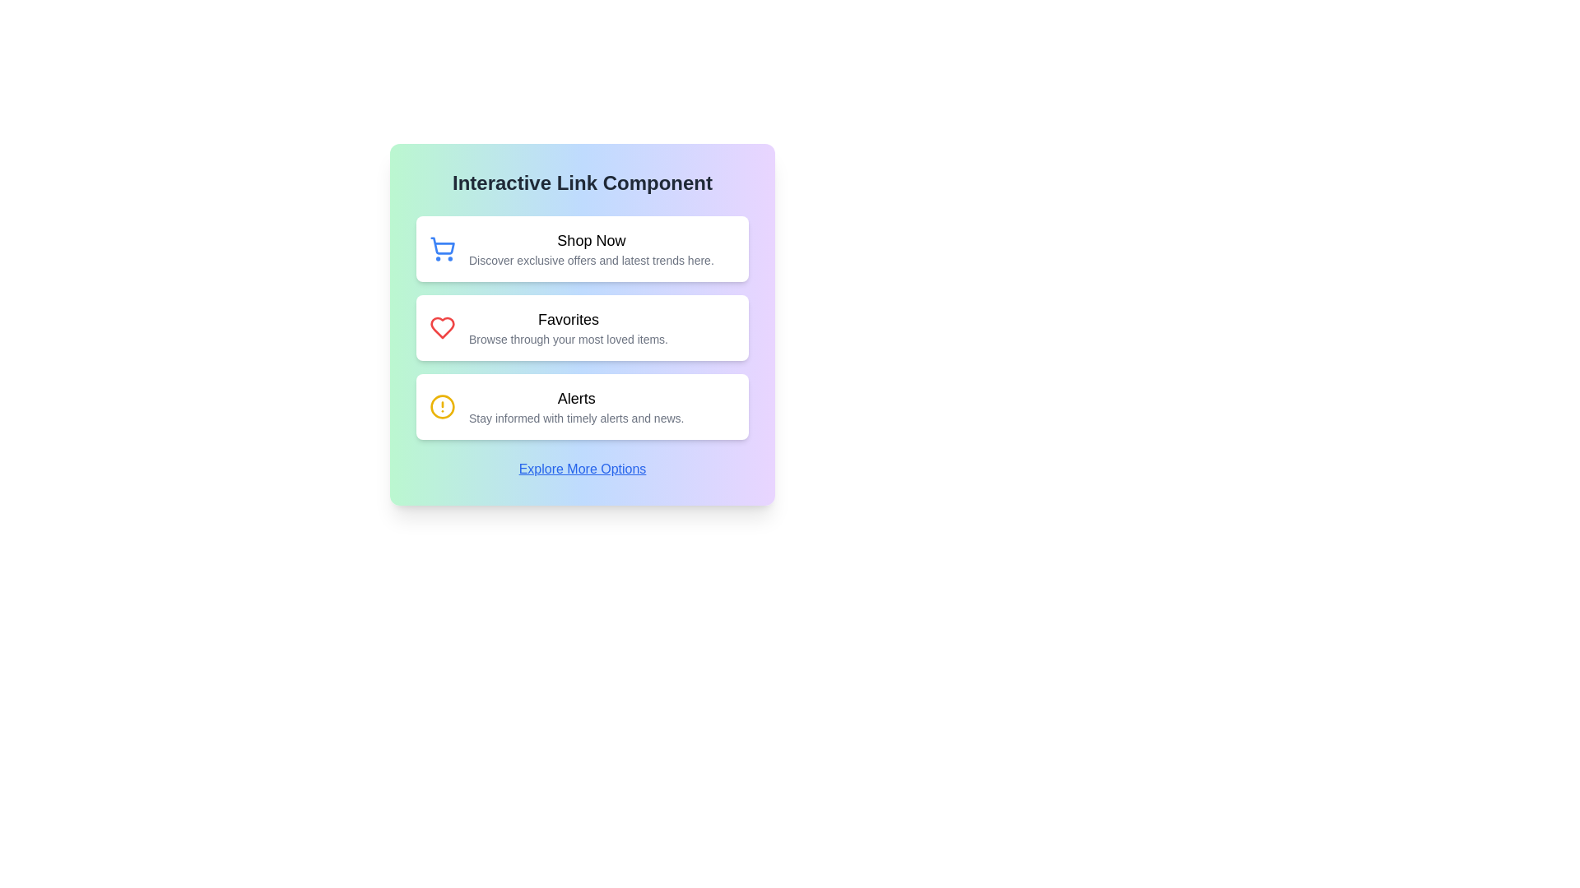  Describe the element at coordinates (569, 327) in the screenshot. I see `the 'Favorites' structured content grouping, which includes a bold heading and a descriptive text, located within the second card of the 'Interactive Link Component'` at that location.